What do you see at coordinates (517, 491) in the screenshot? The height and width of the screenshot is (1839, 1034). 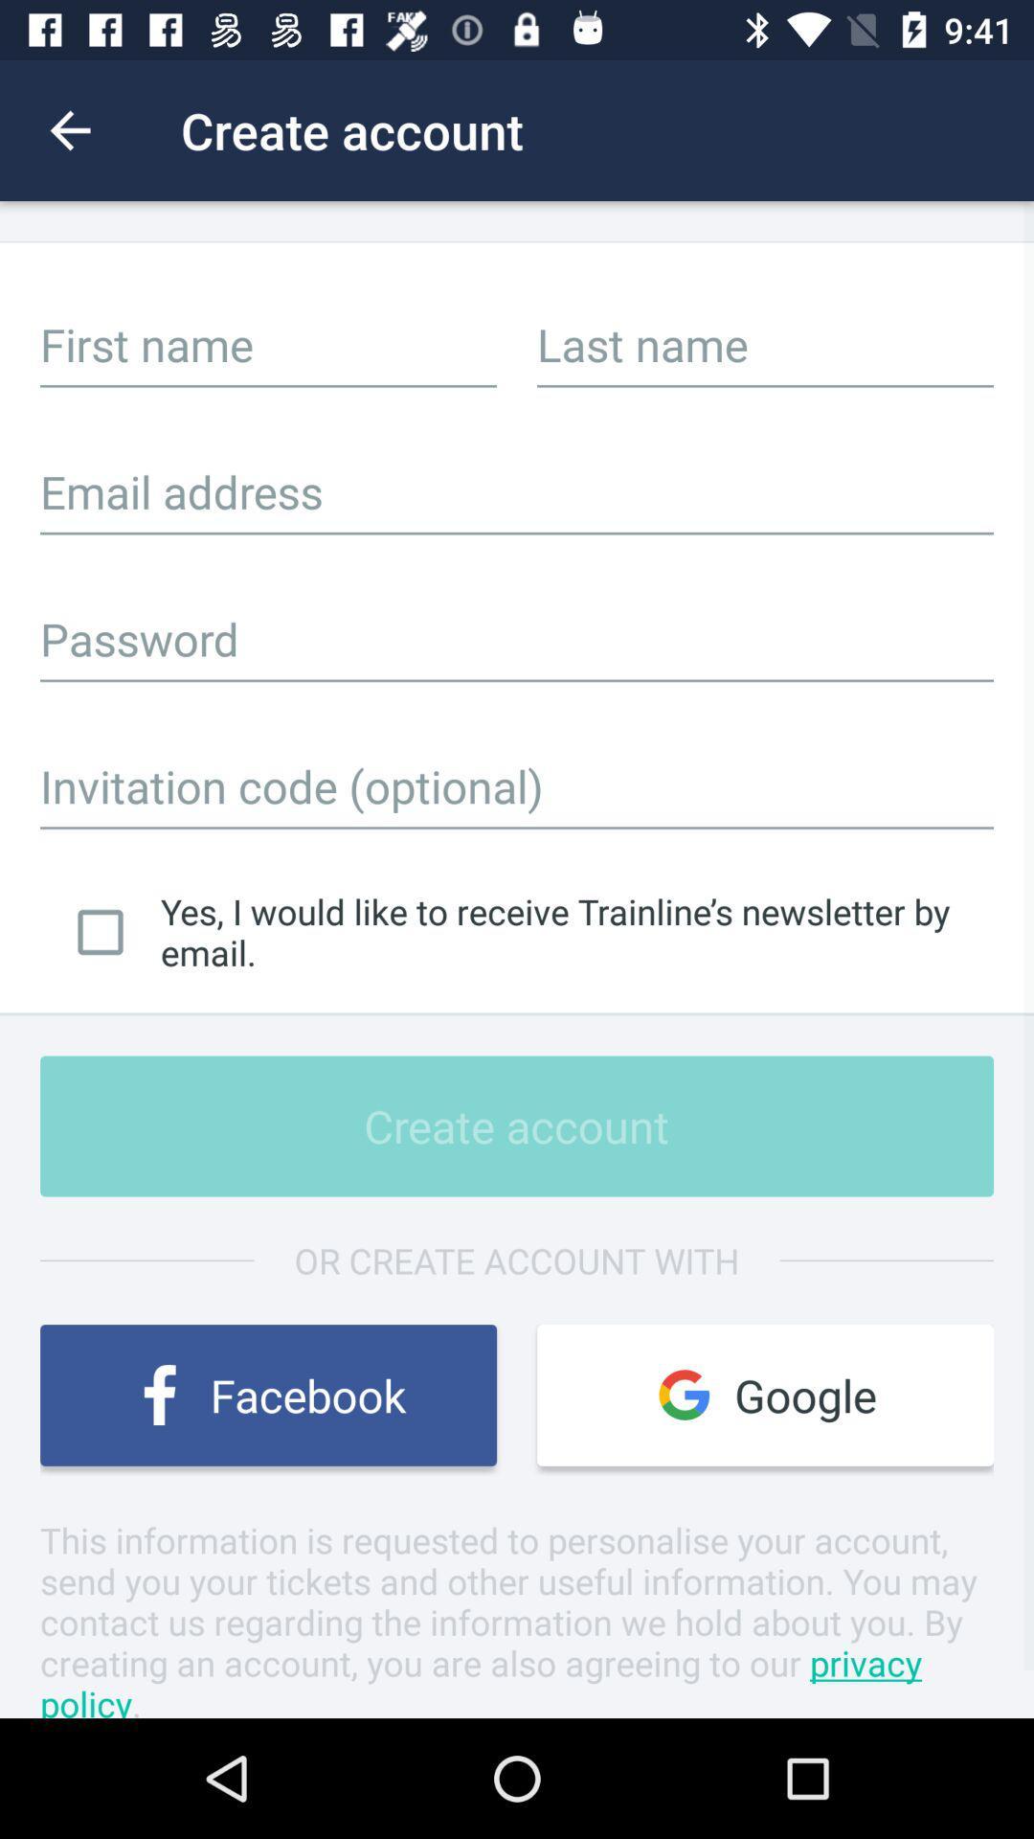 I see `email address` at bounding box center [517, 491].